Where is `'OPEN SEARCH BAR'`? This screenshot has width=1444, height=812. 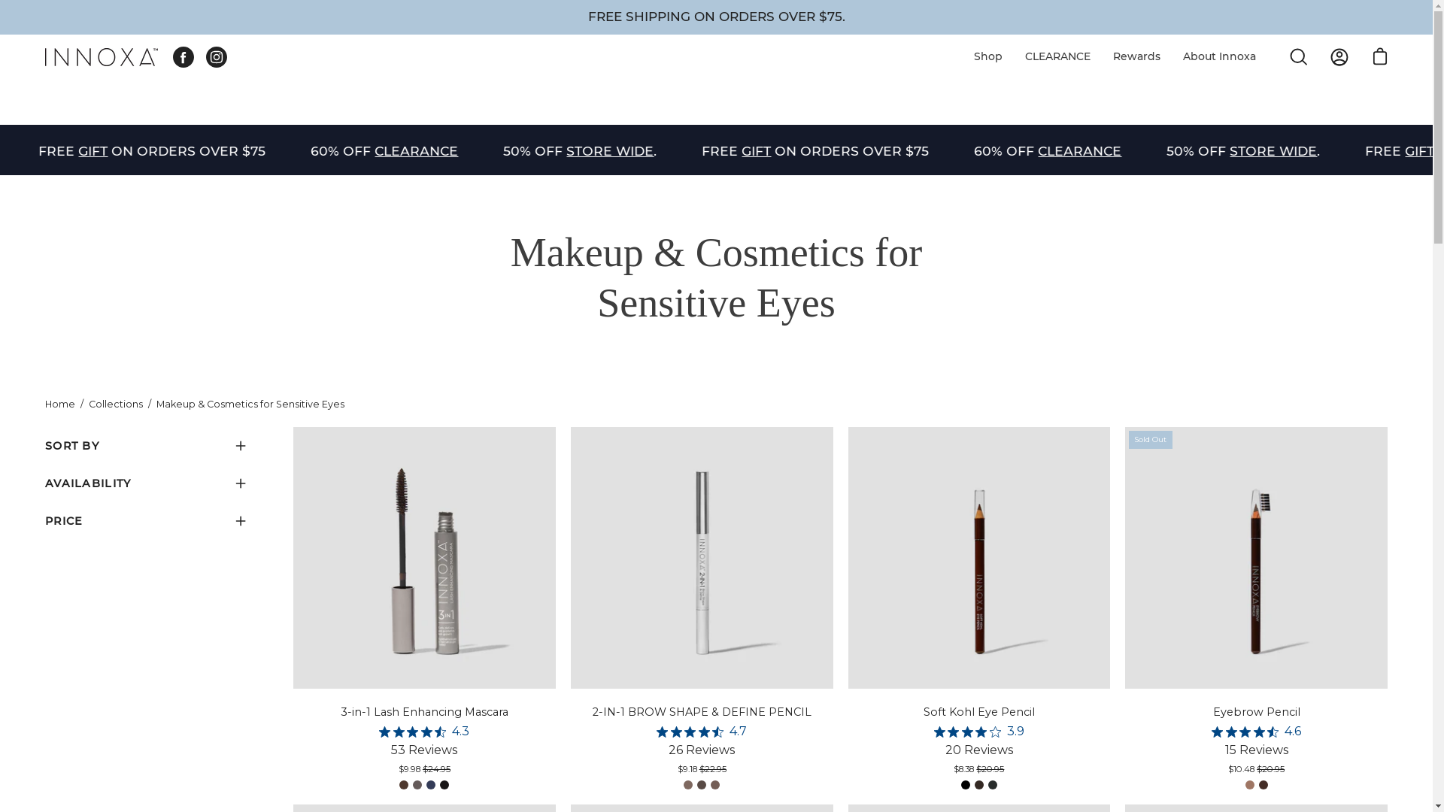 'OPEN SEARCH BAR' is located at coordinates (1298, 56).